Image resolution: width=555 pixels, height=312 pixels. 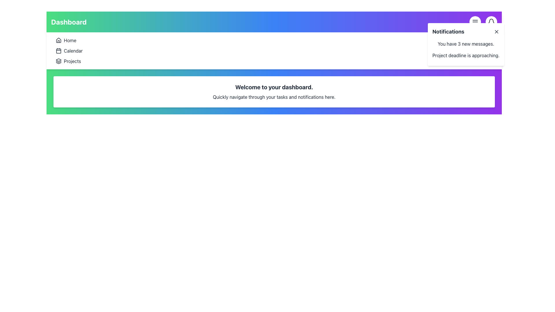 What do you see at coordinates (496, 32) in the screenshot?
I see `the Close Button Icon, which is a diagonal cross 'X' located in the top right corner of the notification popup box` at bounding box center [496, 32].